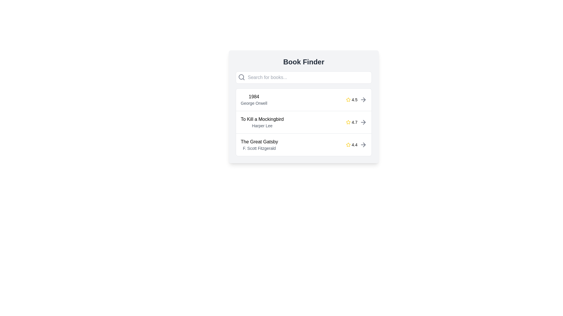 The width and height of the screenshot is (563, 316). What do you see at coordinates (348, 145) in the screenshot?
I see `the appearance of the star graphical icon, which is styled with a yellow border and hollow center, located to the right of the '1984' book entry's title and subtitle` at bounding box center [348, 145].